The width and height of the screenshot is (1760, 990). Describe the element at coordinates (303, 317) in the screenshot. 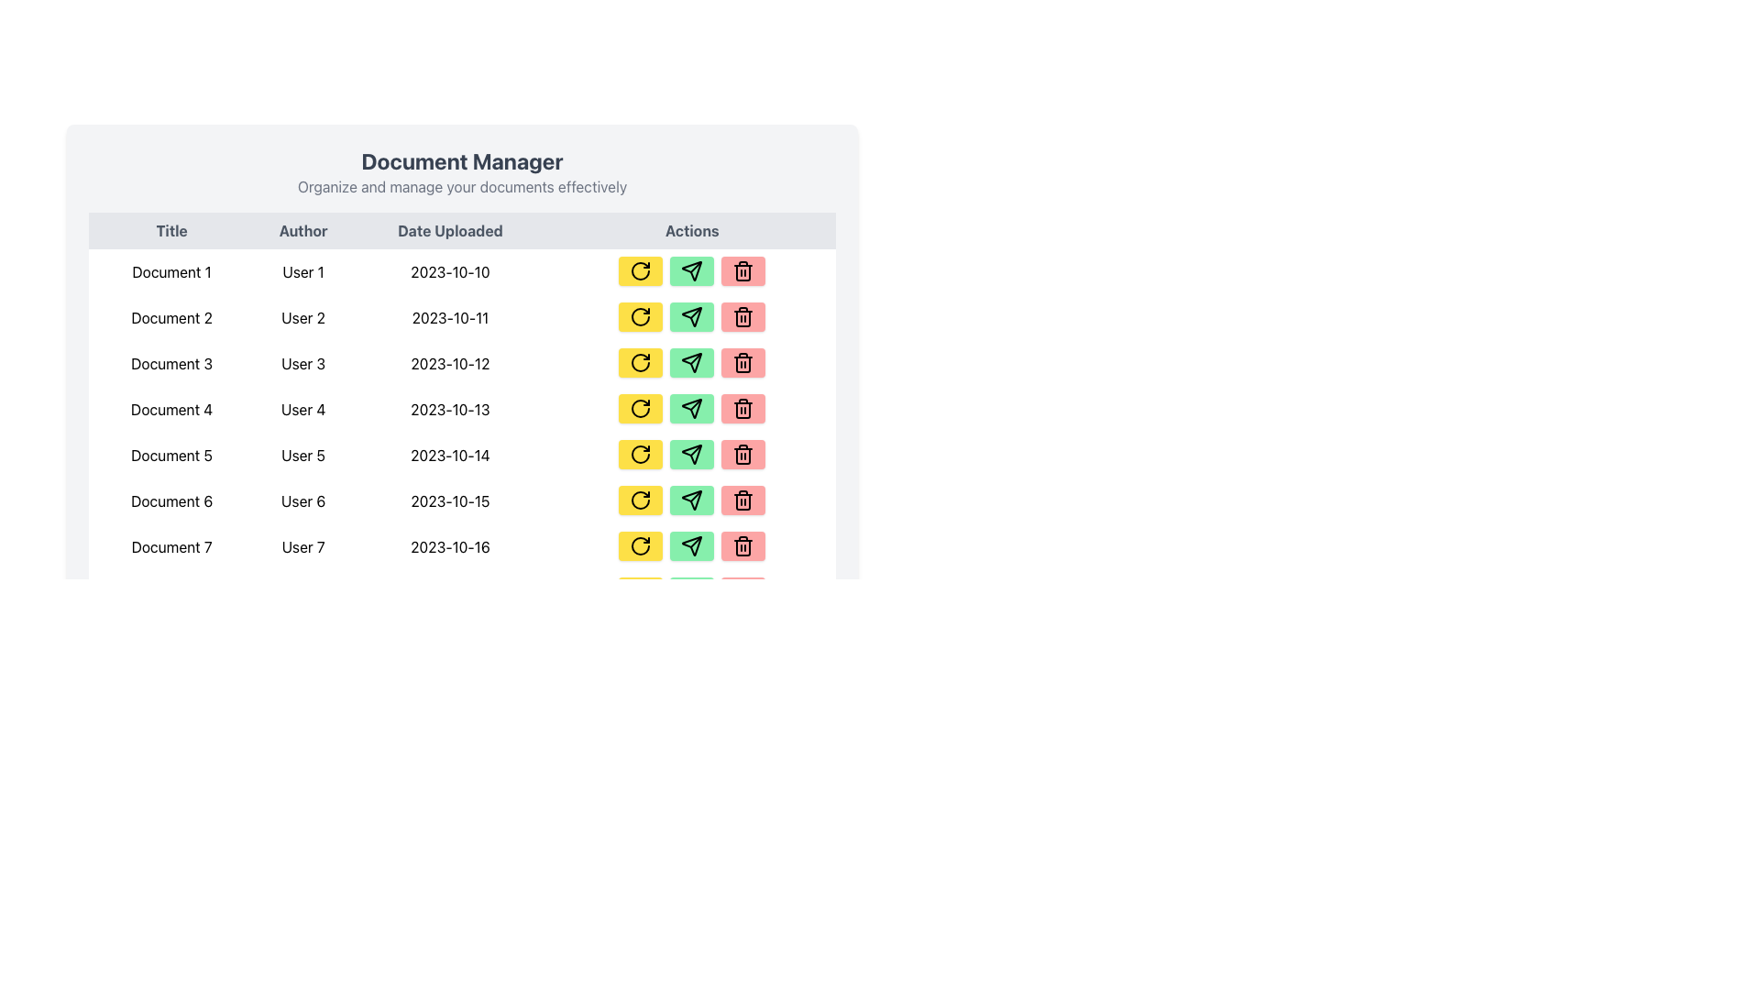

I see `the text display element showing 'User 2' in the second column of the row for 'Document 2'` at that location.